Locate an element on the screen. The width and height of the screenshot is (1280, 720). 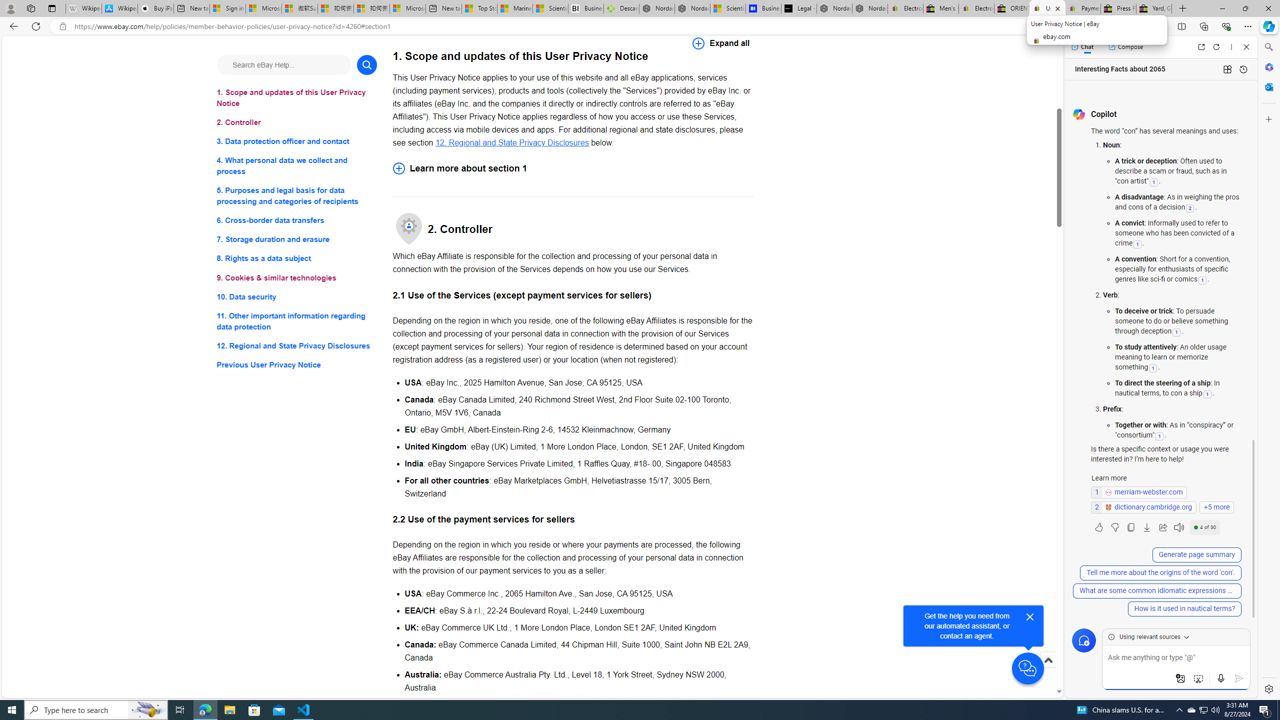
'Yard, Garden & Outdoor Living' is located at coordinates (1153, 8).